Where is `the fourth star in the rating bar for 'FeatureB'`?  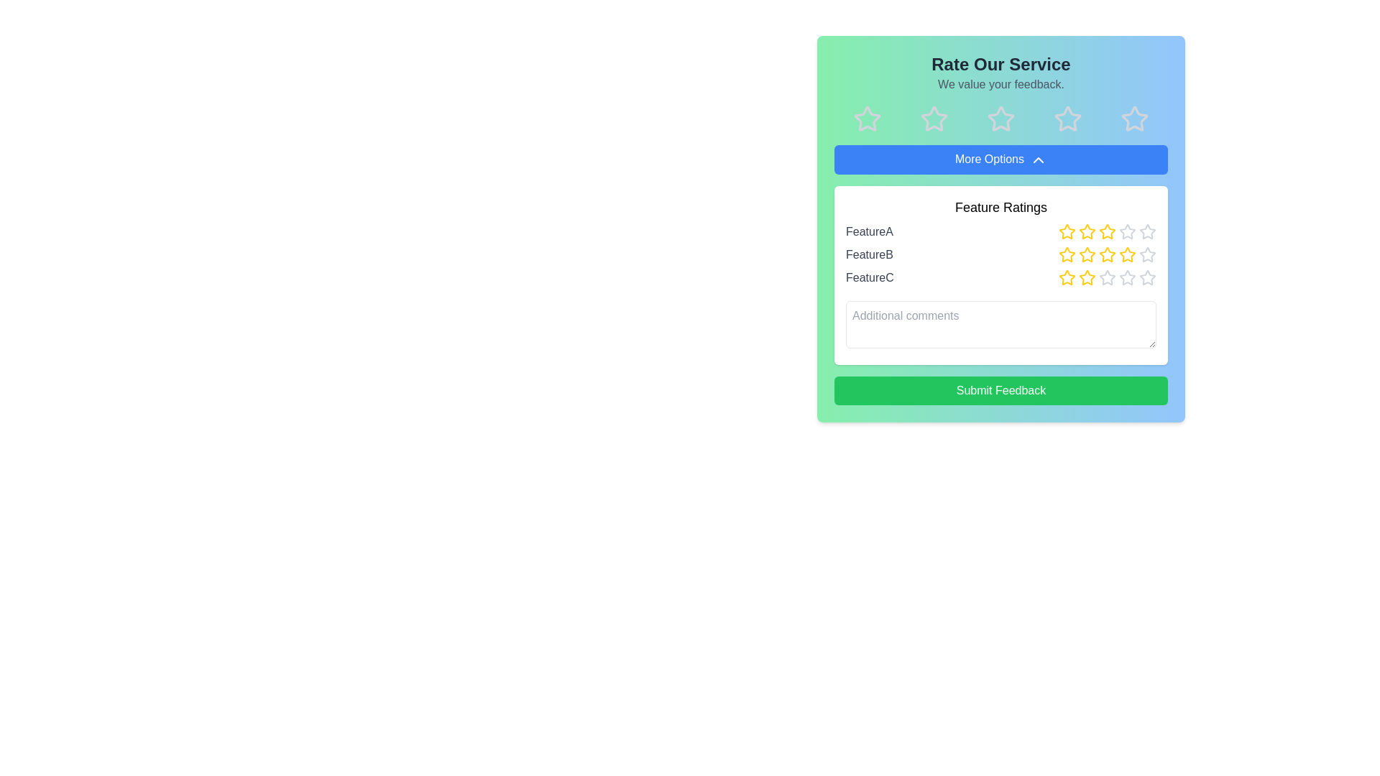 the fourth star in the rating bar for 'FeatureB' is located at coordinates (1106, 254).